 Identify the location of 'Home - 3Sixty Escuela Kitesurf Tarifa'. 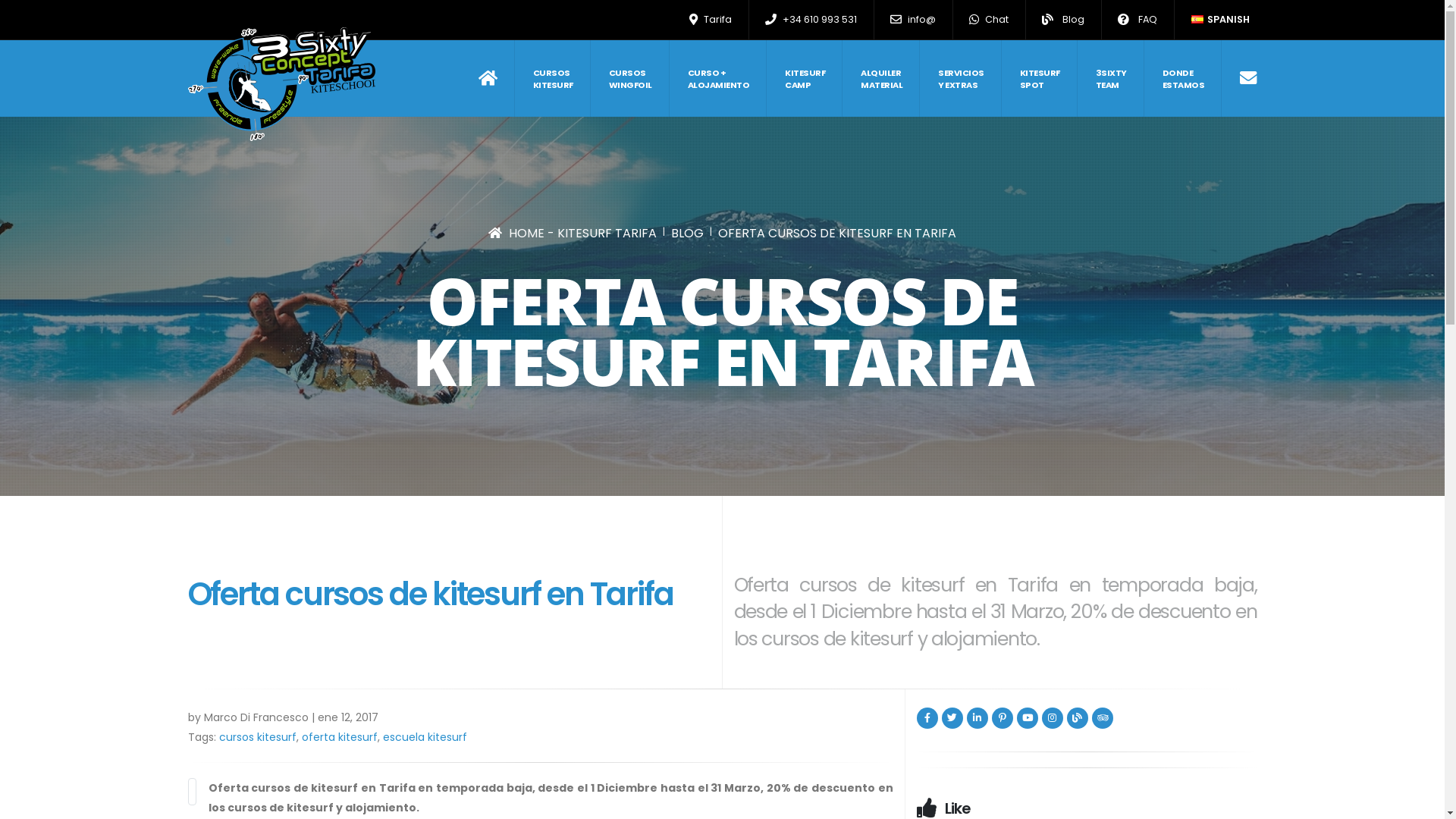
(281, 84).